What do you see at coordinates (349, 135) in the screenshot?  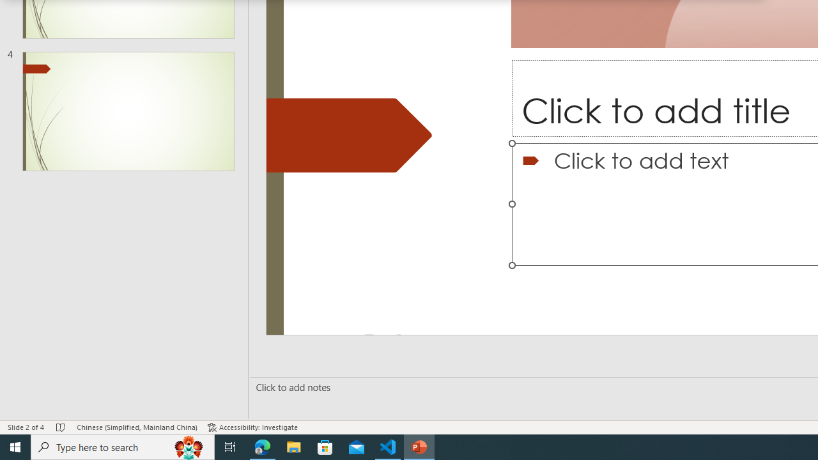 I see `'Decorative Locked'` at bounding box center [349, 135].